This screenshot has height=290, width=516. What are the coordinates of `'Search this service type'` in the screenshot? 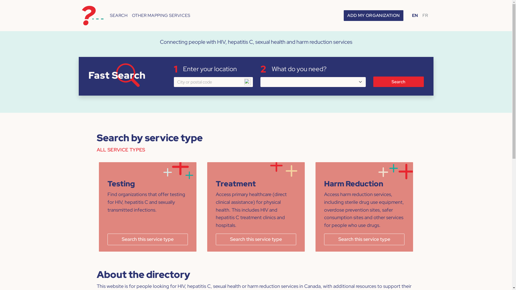 It's located at (148, 239).